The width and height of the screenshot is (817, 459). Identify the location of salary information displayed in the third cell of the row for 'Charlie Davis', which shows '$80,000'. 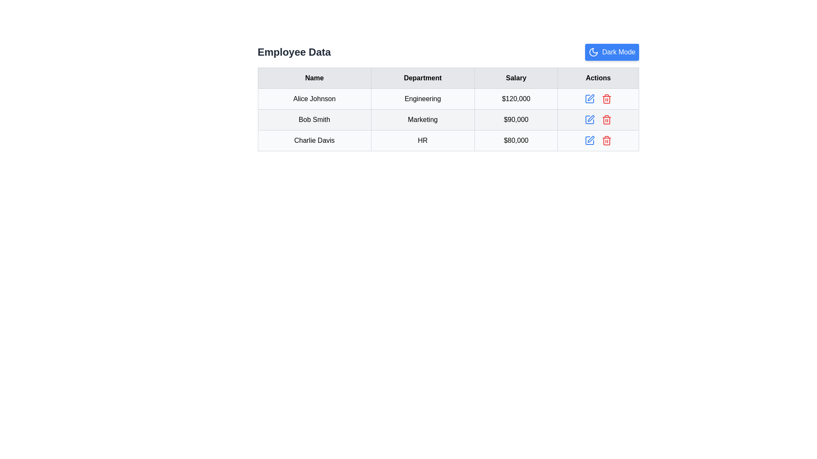
(516, 140).